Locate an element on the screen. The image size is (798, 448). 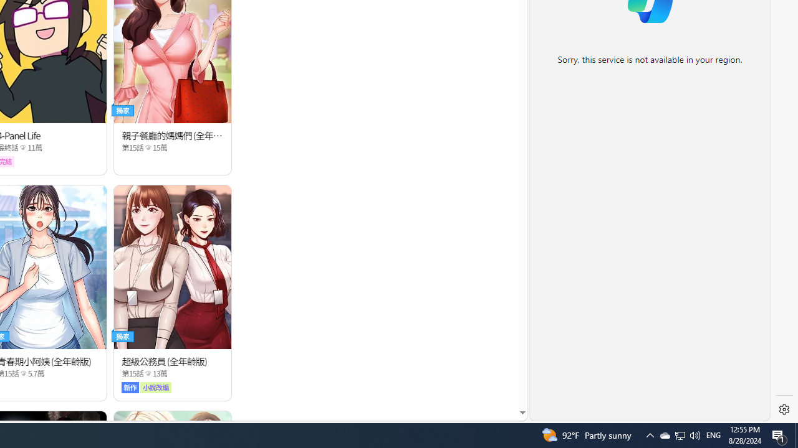
'Settings' is located at coordinates (784, 409).